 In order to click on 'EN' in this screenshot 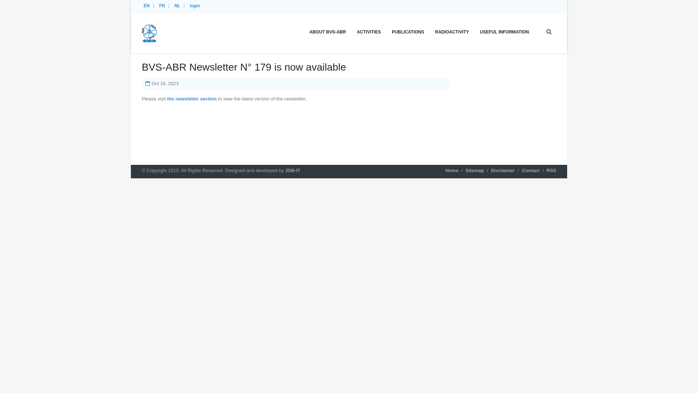, I will do `click(147, 5)`.